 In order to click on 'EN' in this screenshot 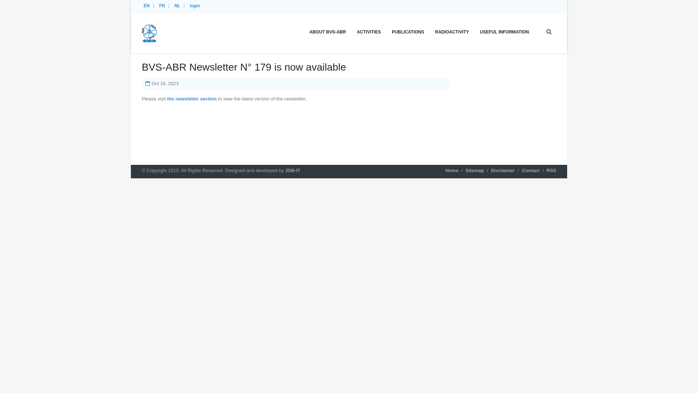, I will do `click(147, 5)`.